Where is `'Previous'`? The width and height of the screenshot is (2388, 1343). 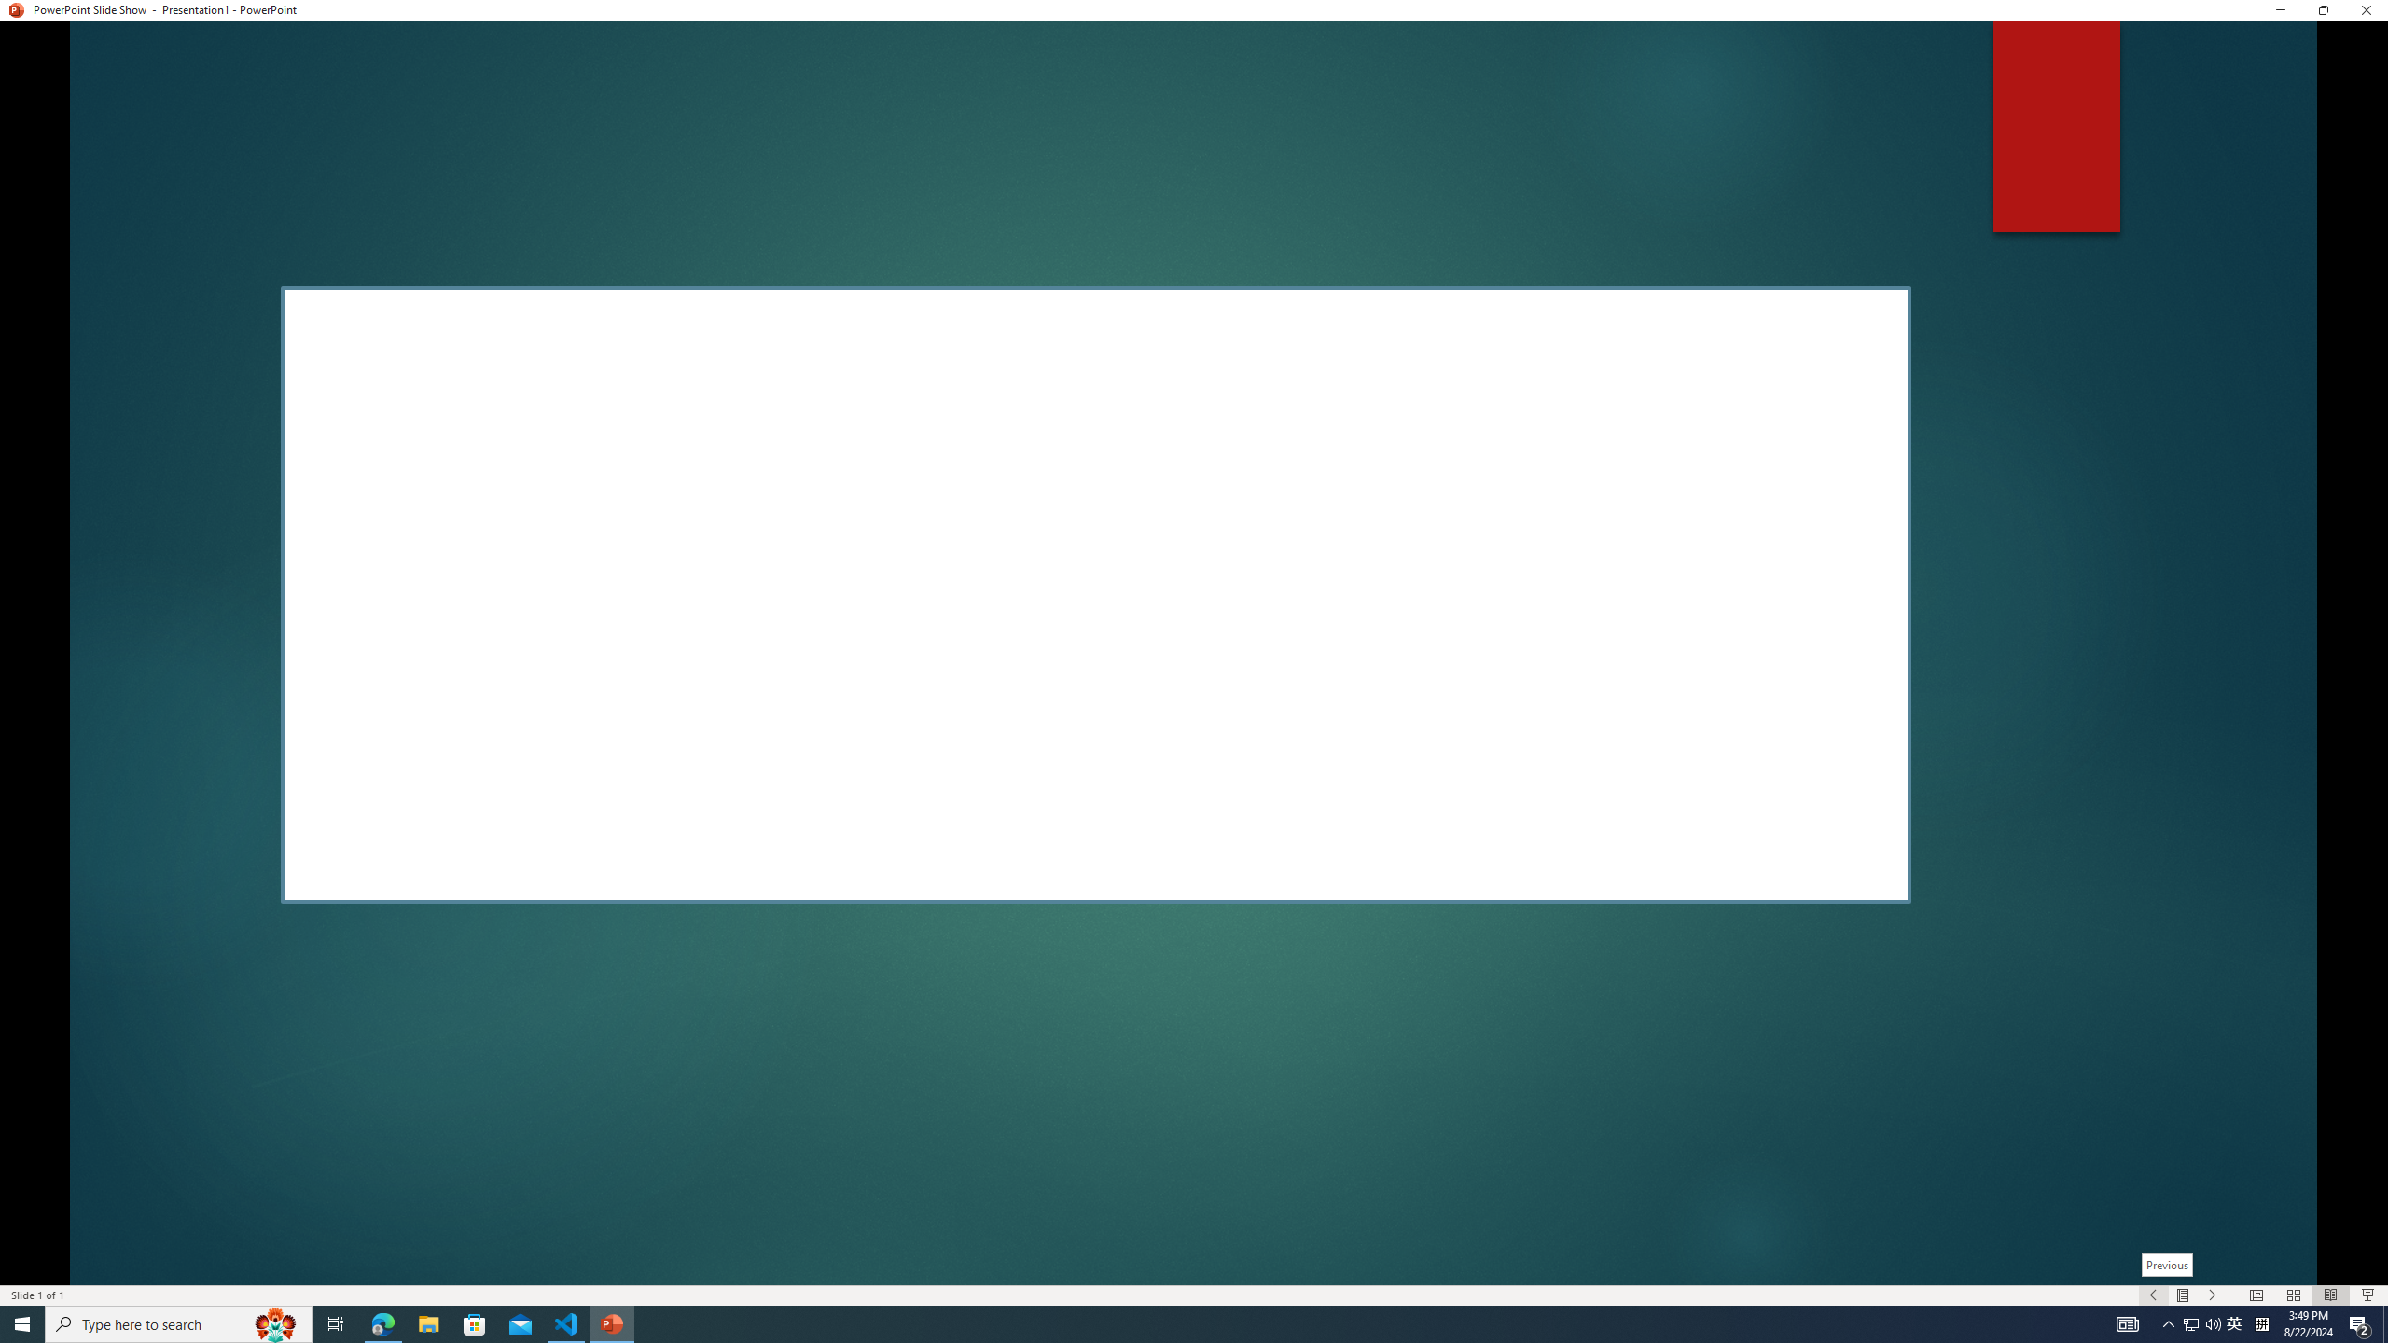 'Previous' is located at coordinates (2167, 1264).